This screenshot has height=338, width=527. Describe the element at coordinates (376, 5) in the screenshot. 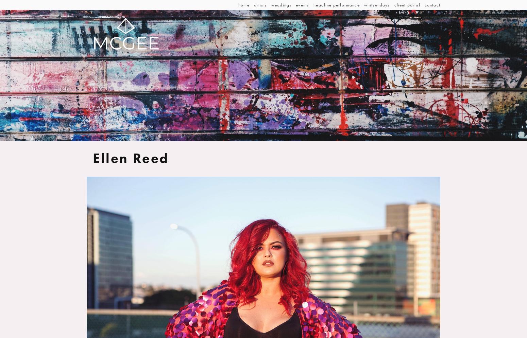

I see `'Whitsundays'` at that location.